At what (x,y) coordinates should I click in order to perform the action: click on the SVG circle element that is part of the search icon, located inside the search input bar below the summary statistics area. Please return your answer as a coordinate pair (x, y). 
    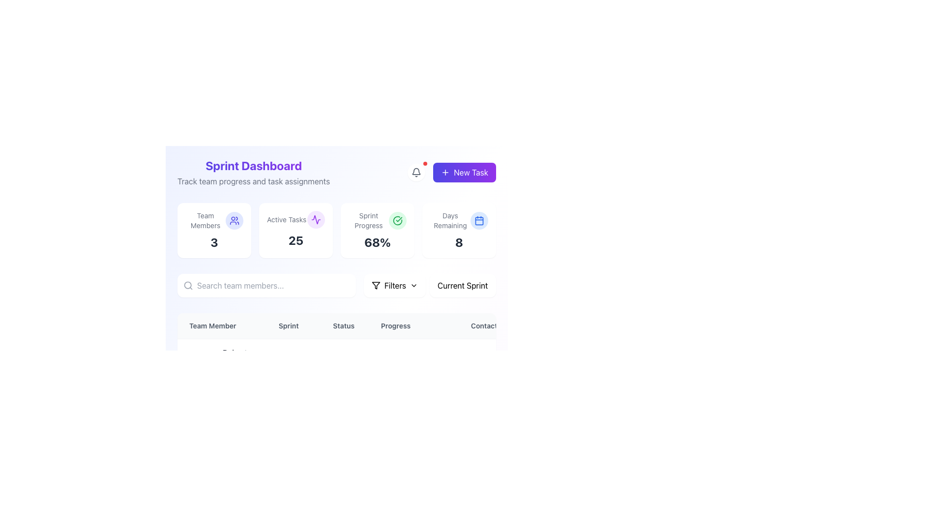
    Looking at the image, I should click on (188, 285).